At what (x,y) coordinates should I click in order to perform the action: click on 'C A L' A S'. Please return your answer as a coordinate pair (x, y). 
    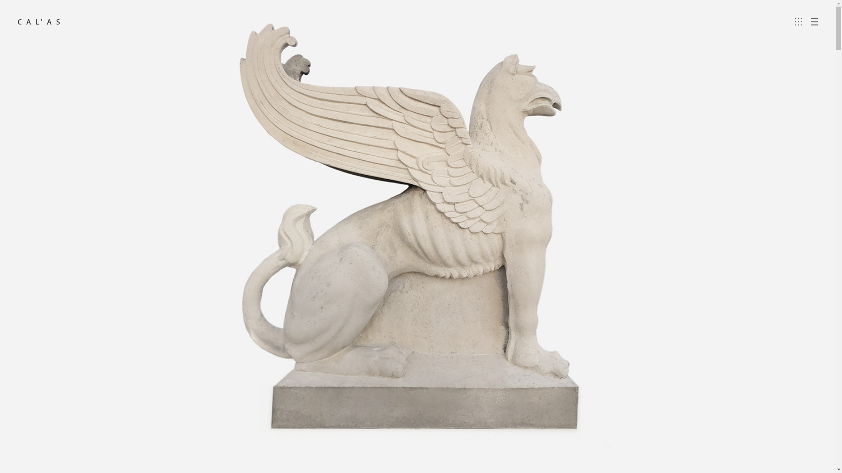
    Looking at the image, I should click on (39, 21).